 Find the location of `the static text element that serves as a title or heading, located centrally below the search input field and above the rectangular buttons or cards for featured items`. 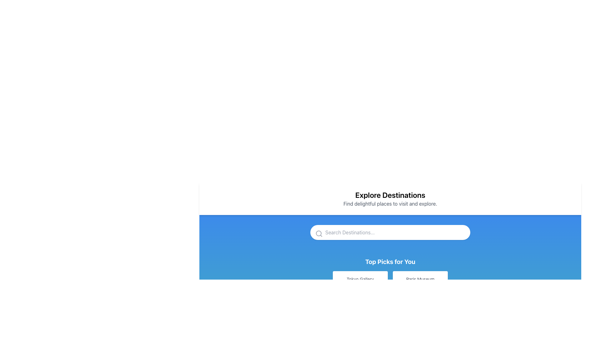

the static text element that serves as a title or heading, located centrally below the search input field and above the rectangular buttons or cards for featured items is located at coordinates (390, 262).